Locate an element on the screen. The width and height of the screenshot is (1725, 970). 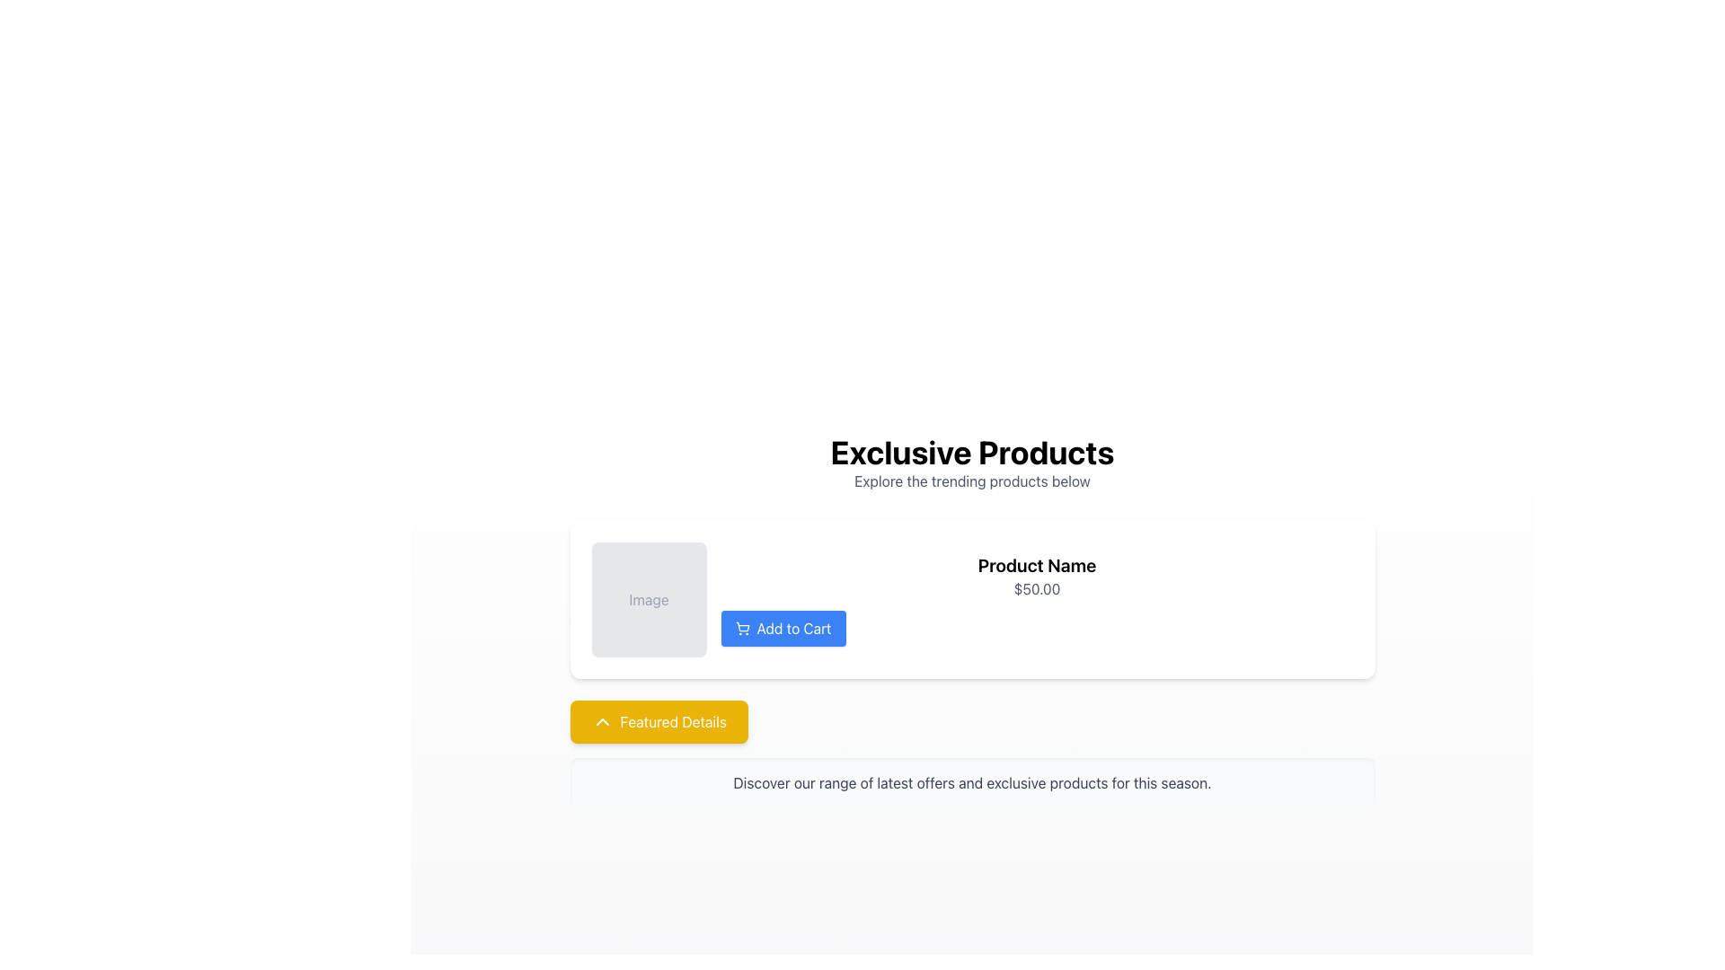
the placeholder text label indicating the intended presence of an image in the product card interface, located above the 'Add to Cart' button is located at coordinates (648, 599).